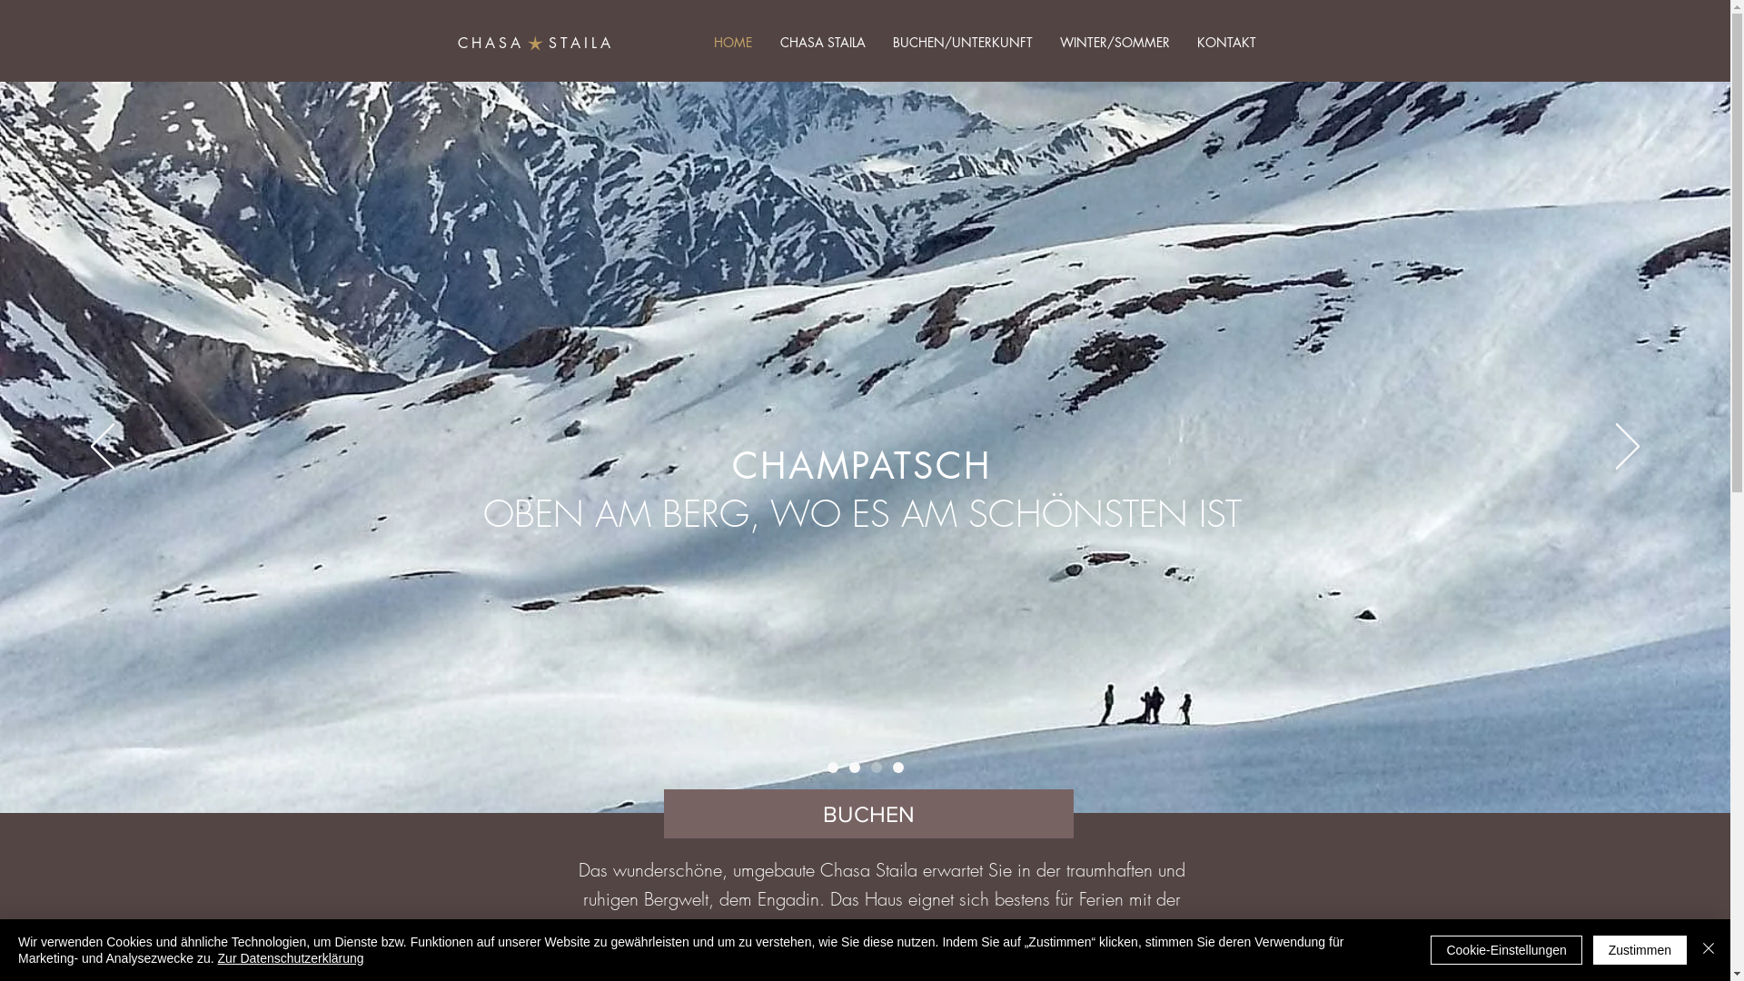  Describe the element at coordinates (962, 41) in the screenshot. I see `'BUCHEN/UNTERKUNFT'` at that location.